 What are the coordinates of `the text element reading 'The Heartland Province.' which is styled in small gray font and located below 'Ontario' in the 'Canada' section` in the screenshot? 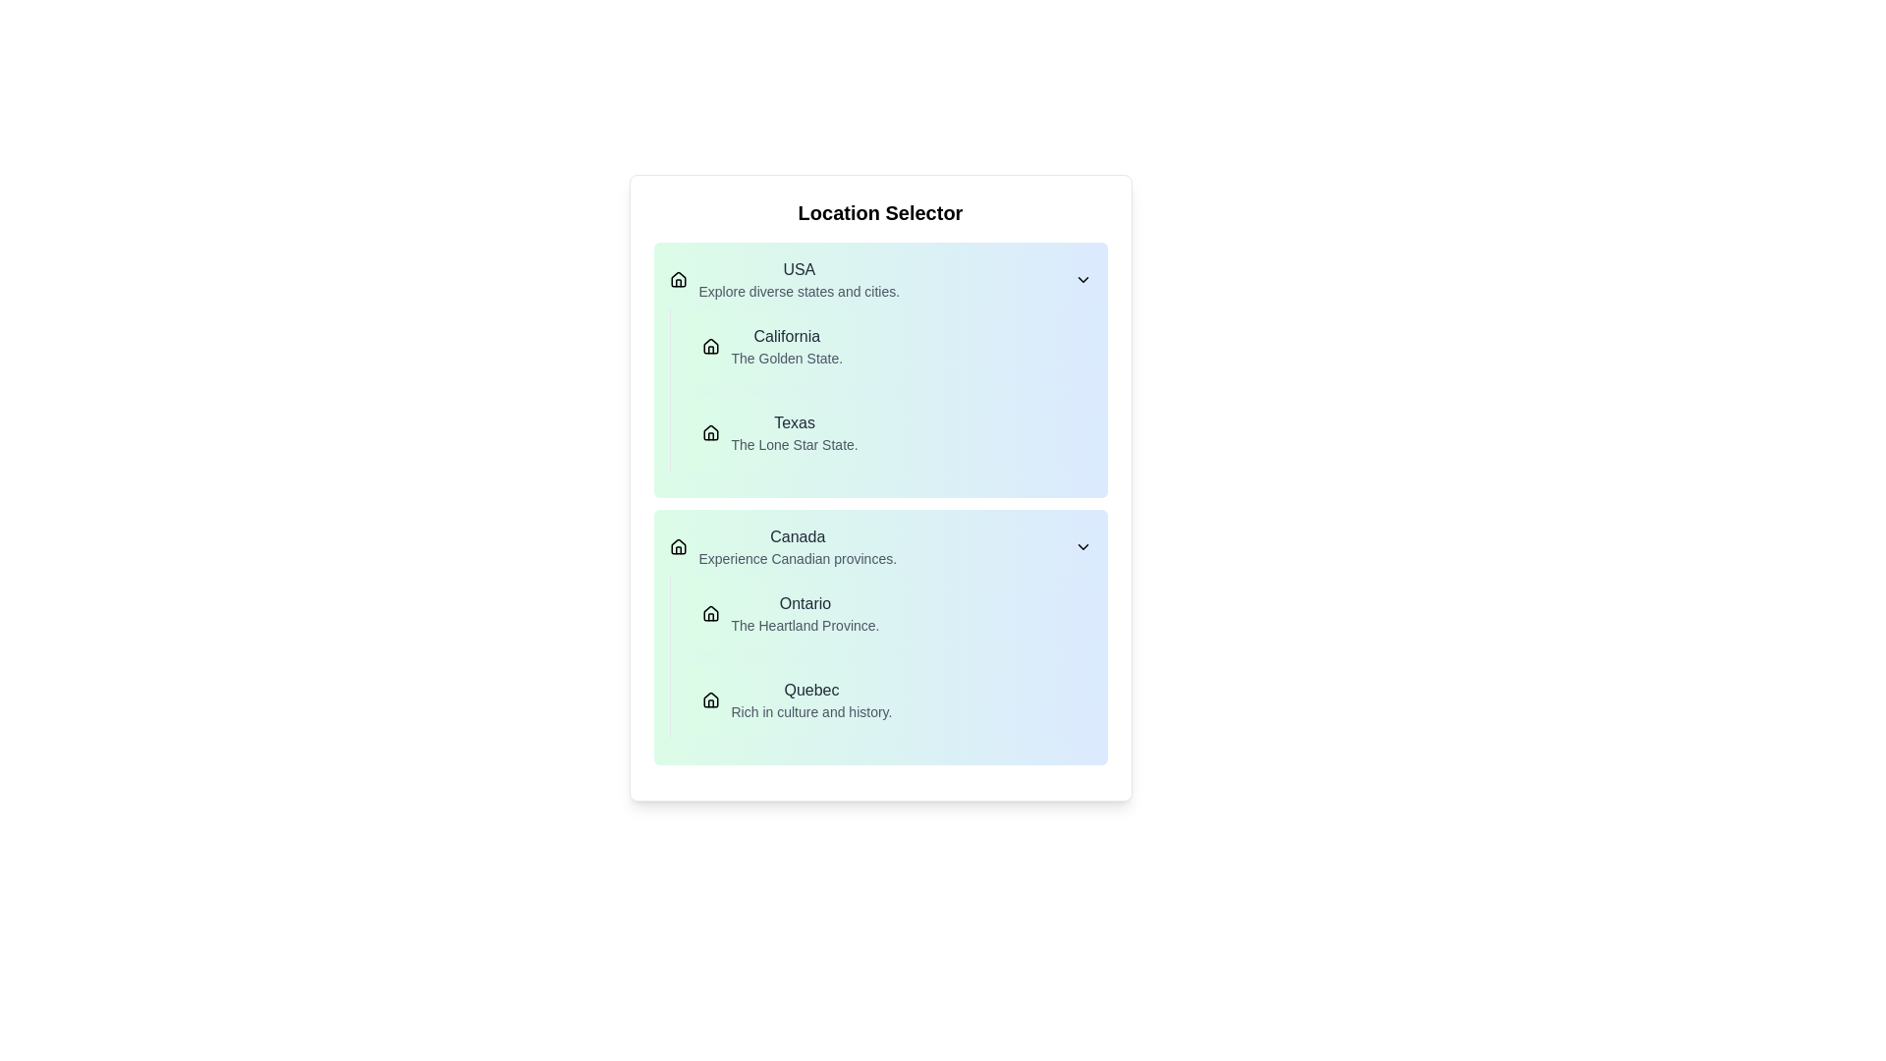 It's located at (805, 625).